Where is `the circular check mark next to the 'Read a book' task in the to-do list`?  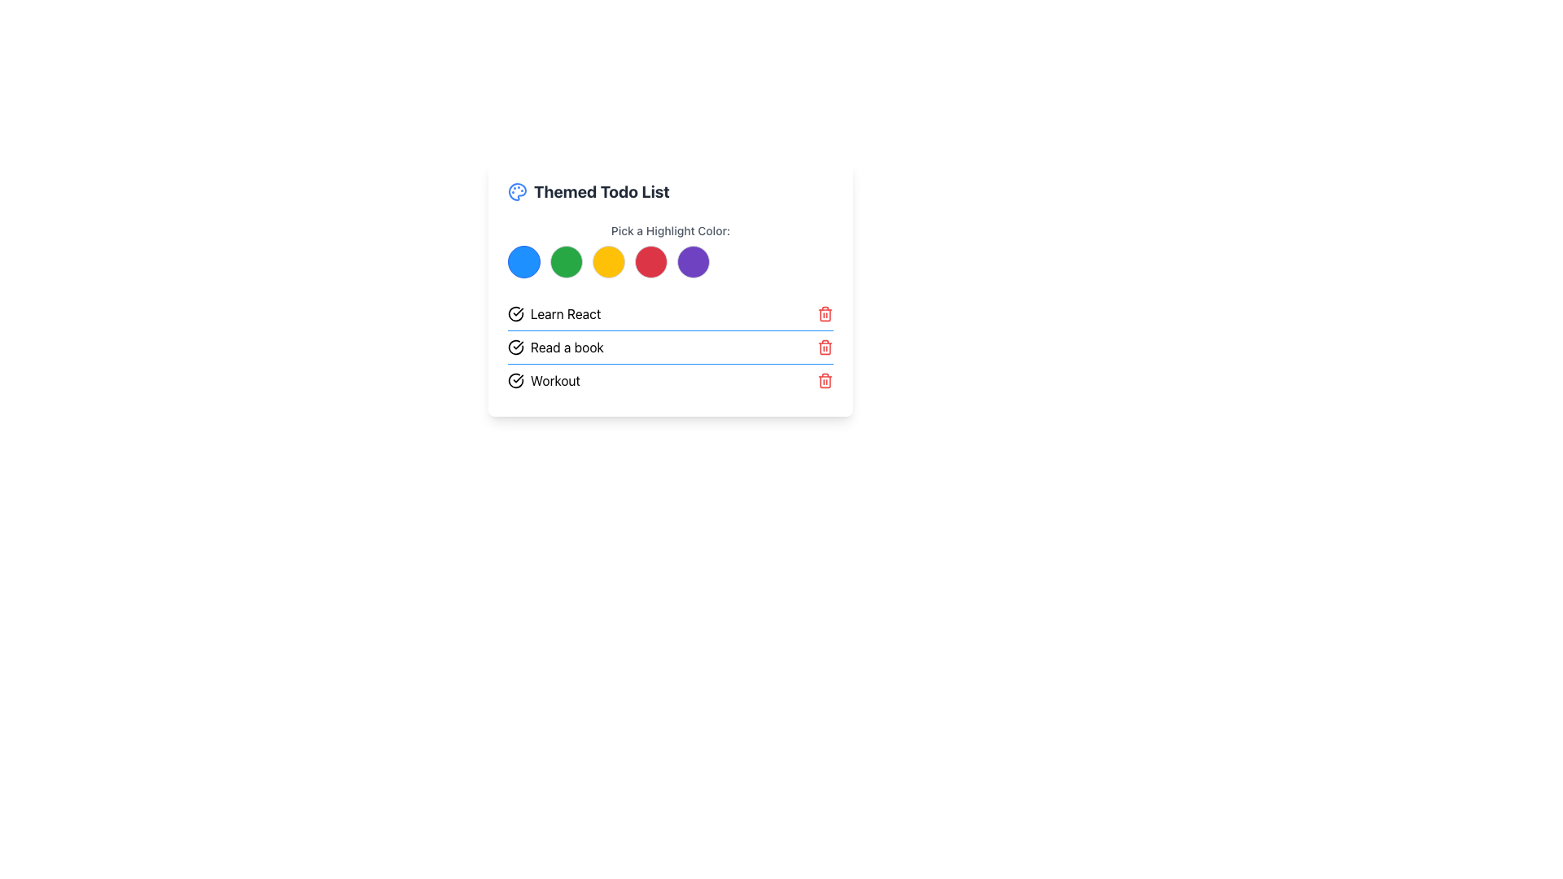
the circular check mark next to the 'Read a book' task in the to-do list is located at coordinates (671, 345).